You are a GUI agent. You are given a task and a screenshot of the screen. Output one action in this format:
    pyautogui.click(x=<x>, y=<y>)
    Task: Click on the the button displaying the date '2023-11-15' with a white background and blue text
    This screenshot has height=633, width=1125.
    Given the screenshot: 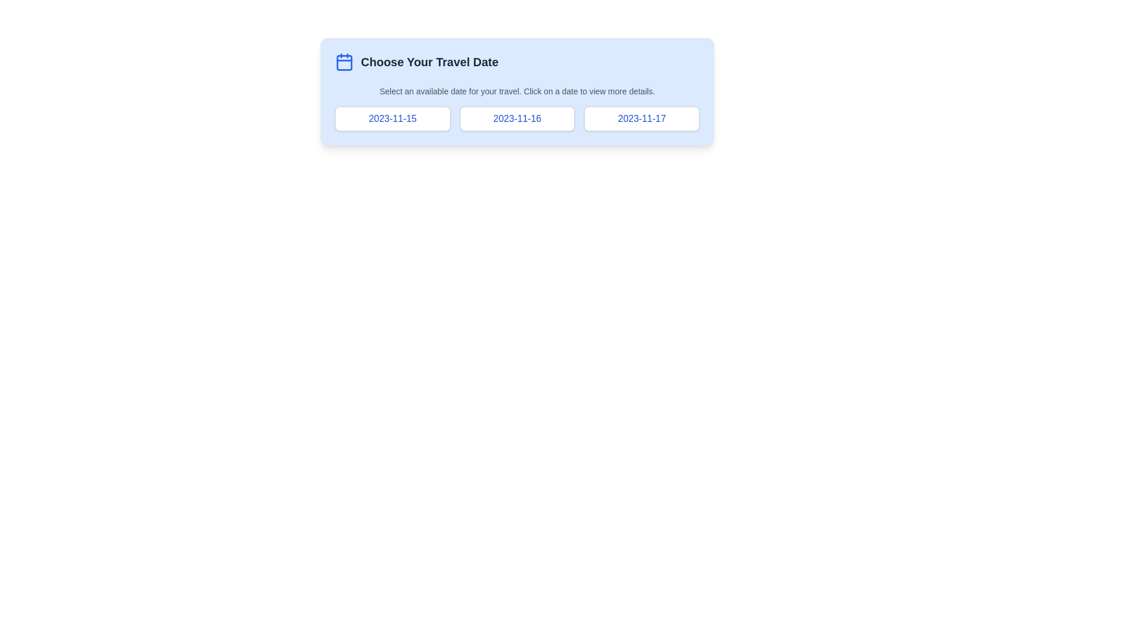 What is the action you would take?
    pyautogui.click(x=393, y=119)
    